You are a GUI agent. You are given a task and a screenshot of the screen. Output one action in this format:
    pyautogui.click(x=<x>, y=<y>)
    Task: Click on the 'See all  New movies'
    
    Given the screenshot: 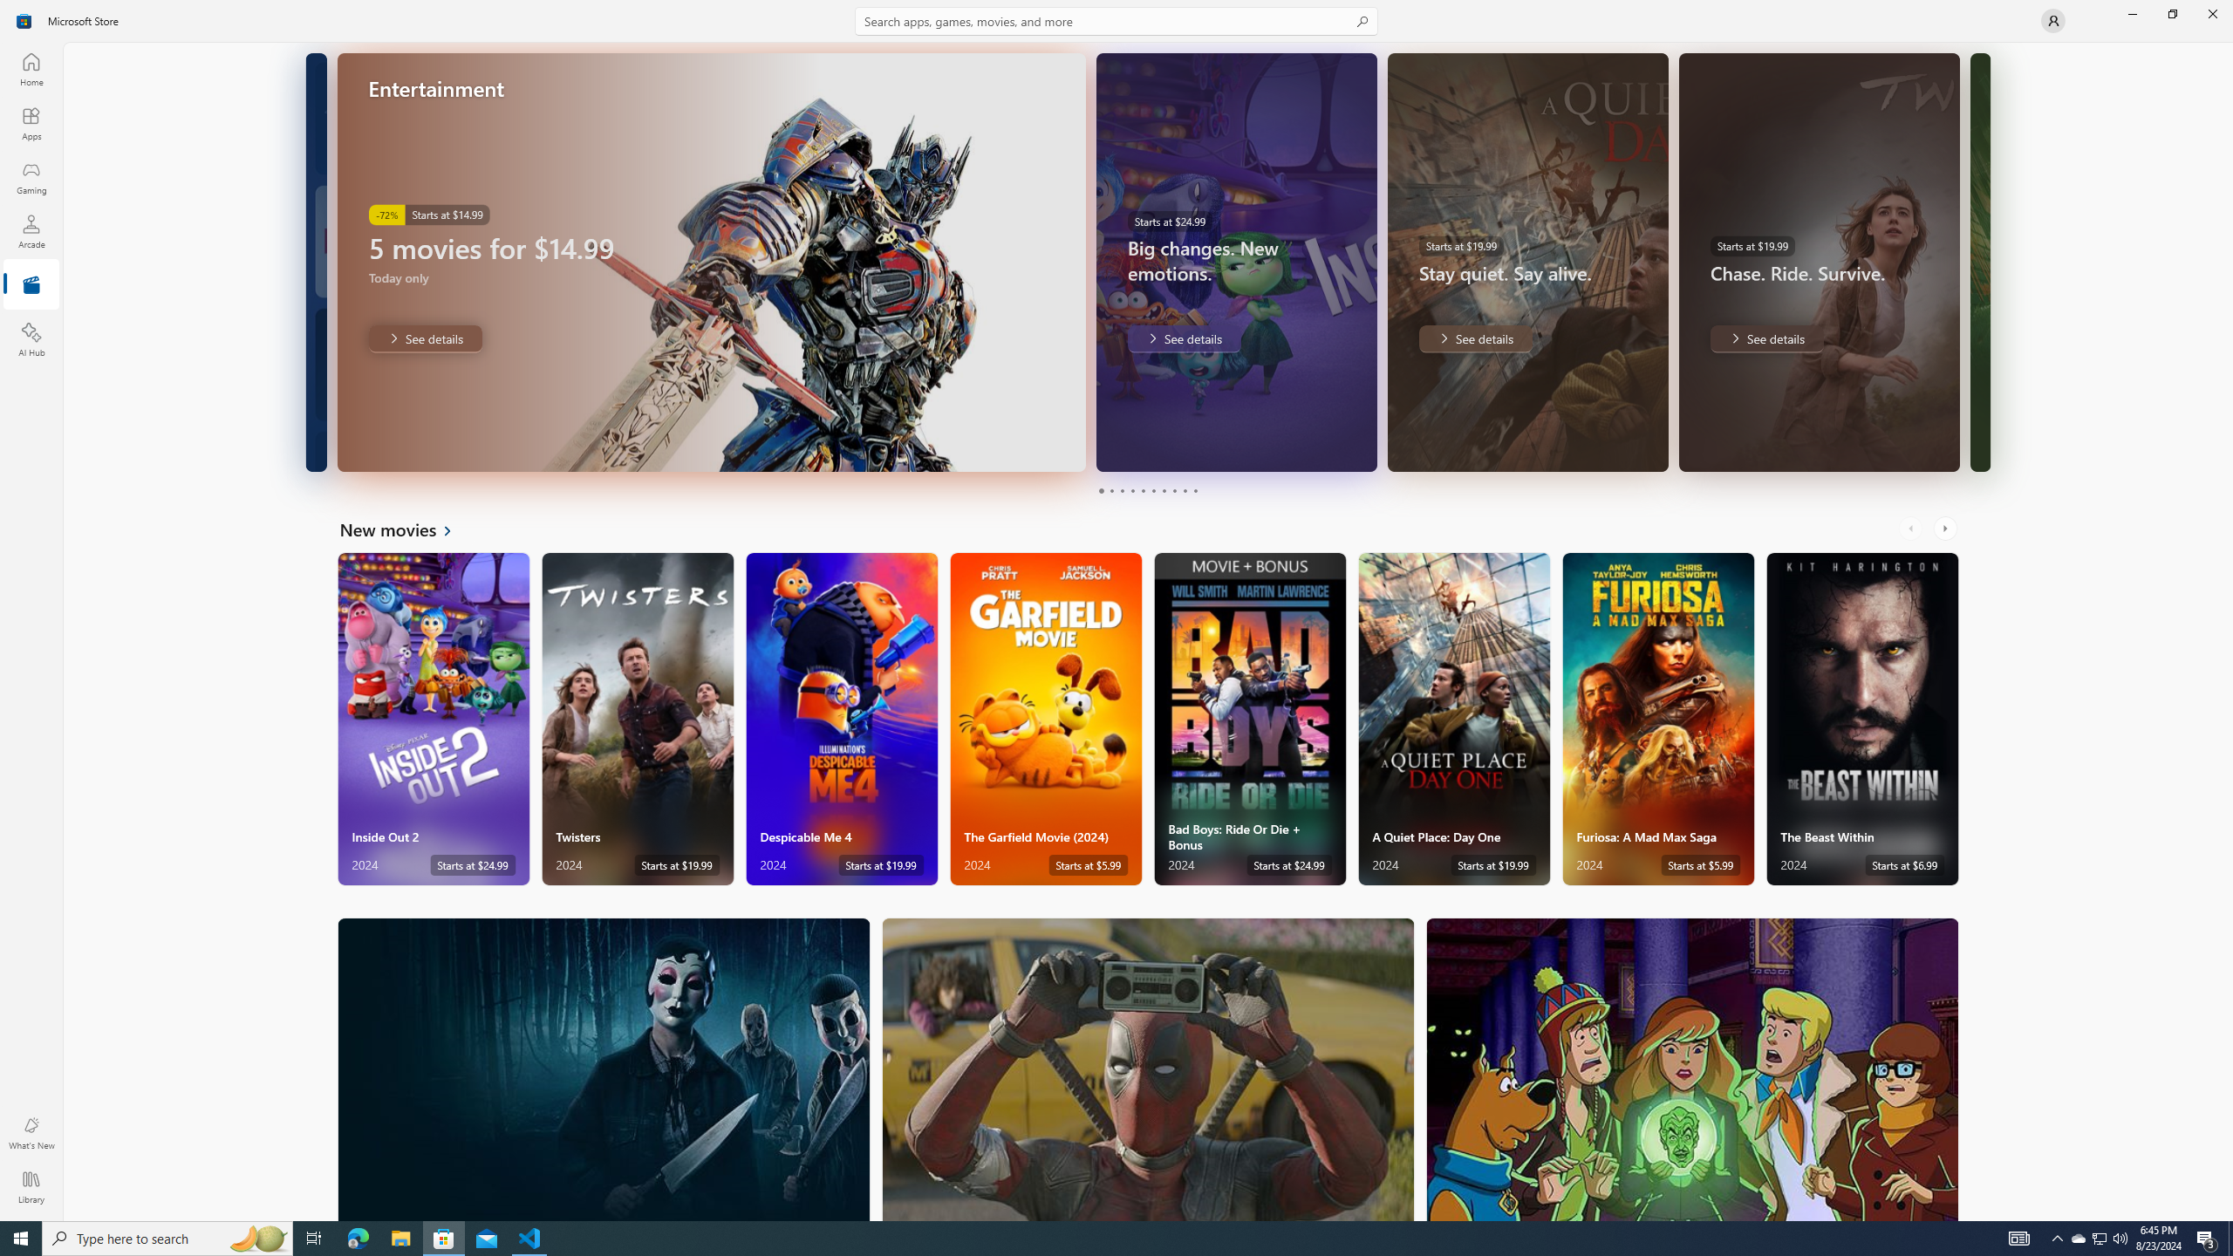 What is the action you would take?
    pyautogui.click(x=405, y=528)
    